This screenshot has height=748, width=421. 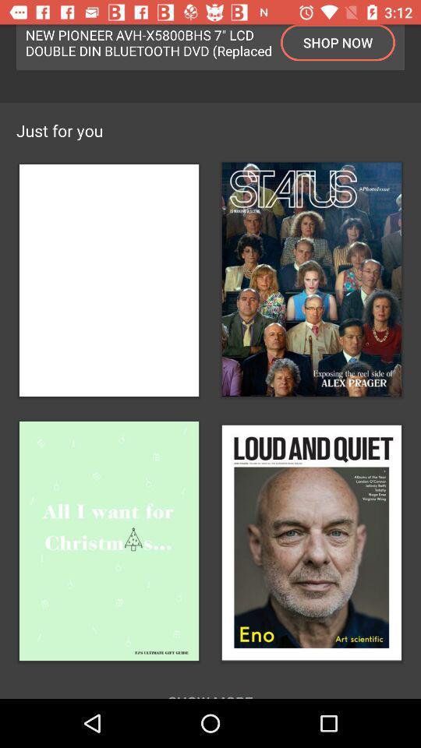 What do you see at coordinates (149, 41) in the screenshot?
I see `item above the just for you` at bounding box center [149, 41].